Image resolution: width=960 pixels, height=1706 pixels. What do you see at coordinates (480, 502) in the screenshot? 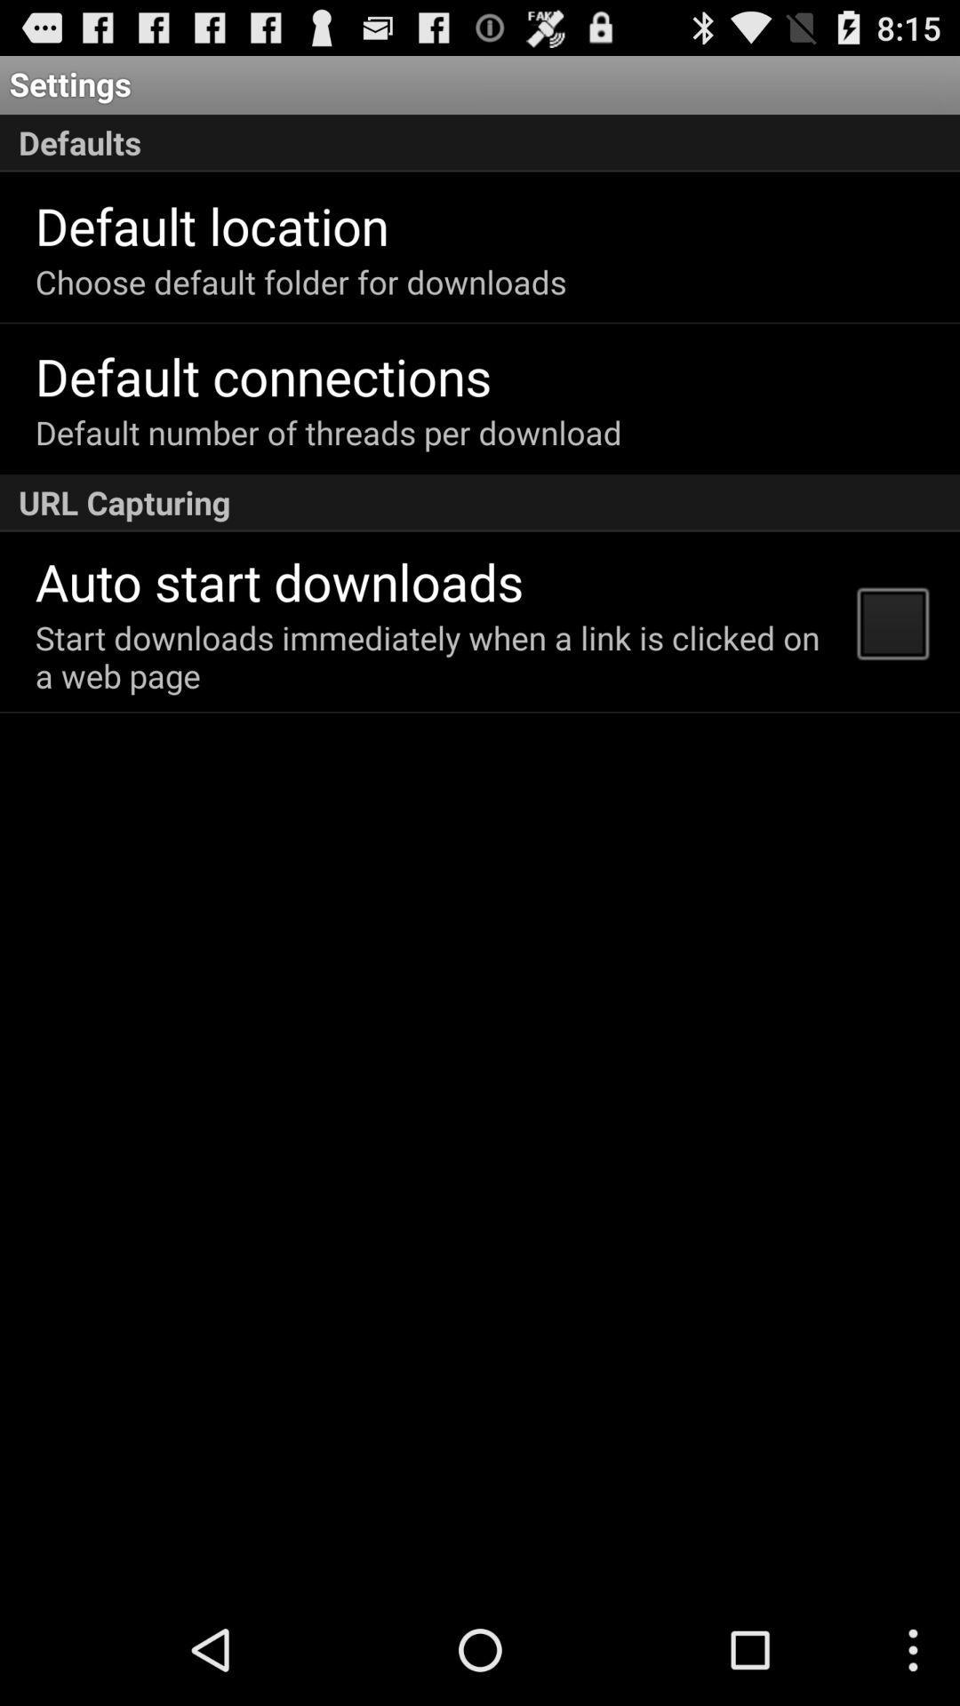
I see `the url capturing` at bounding box center [480, 502].